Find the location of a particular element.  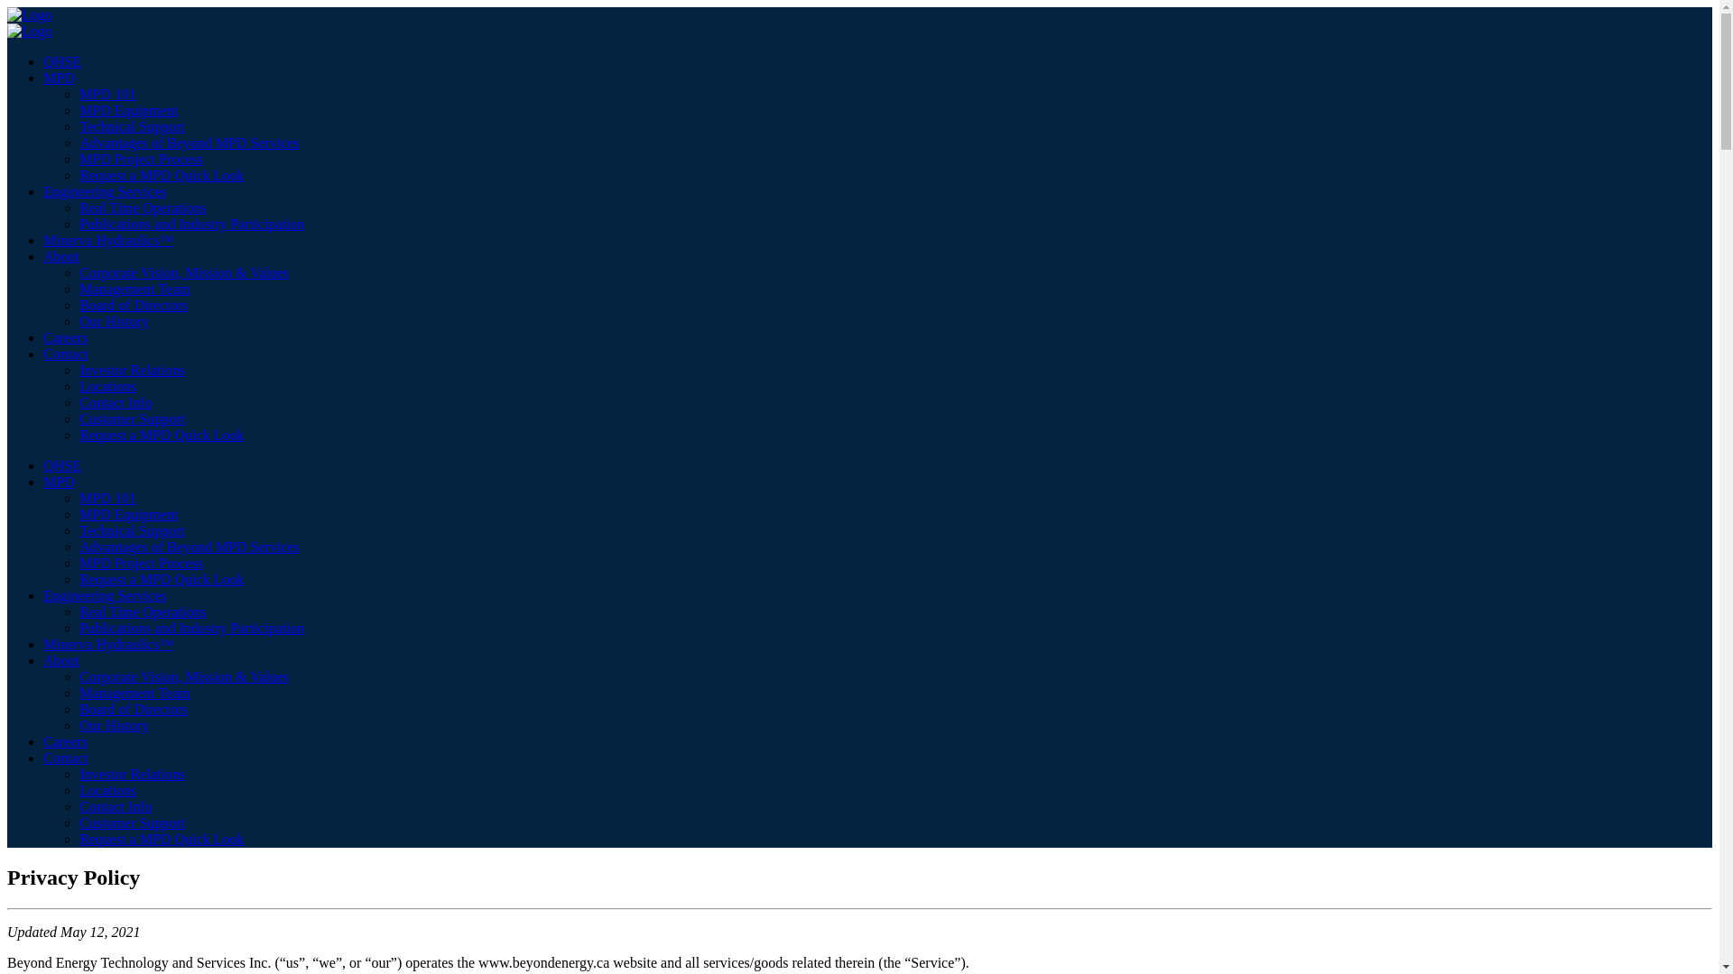

'QHSE' is located at coordinates (61, 464).